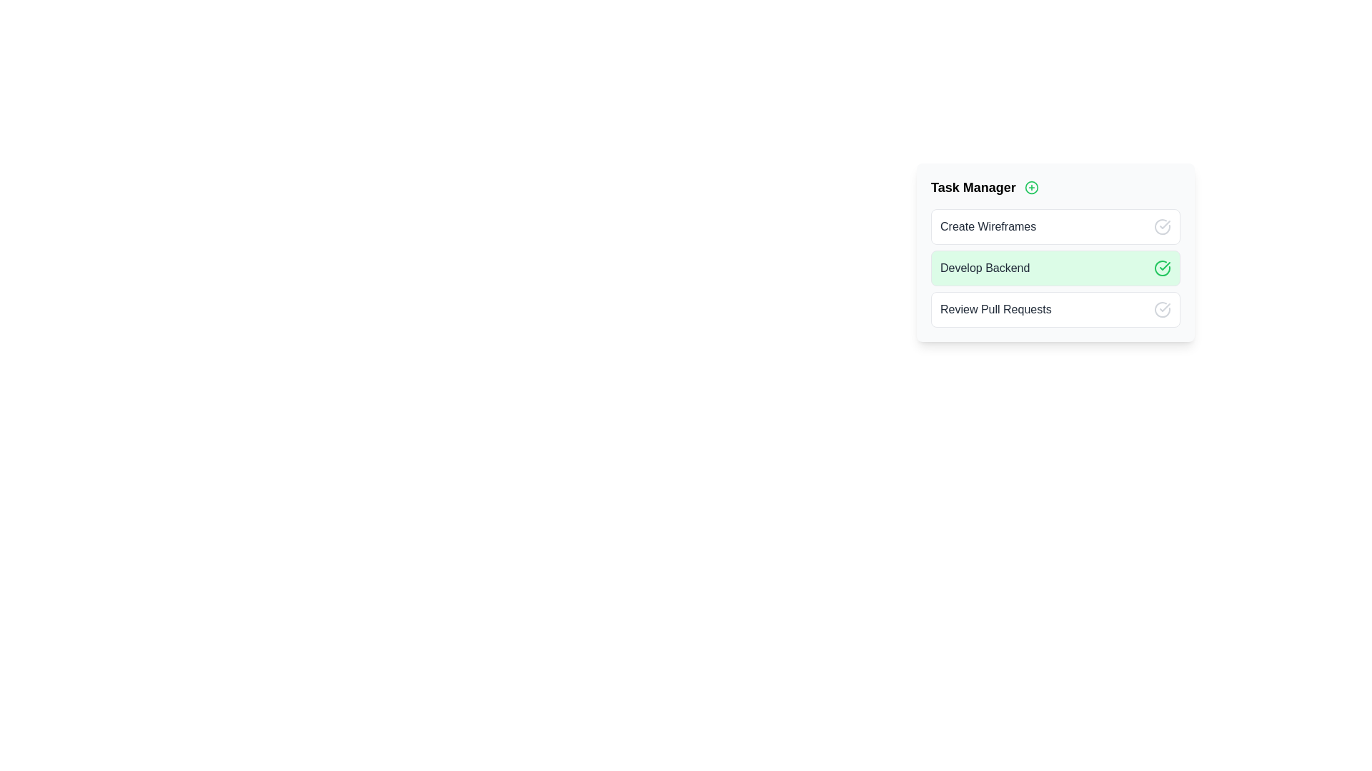 The image size is (1372, 771). What do you see at coordinates (973, 186) in the screenshot?
I see `text label at the top-left corner of the task management interface, which indicates the purpose of the section` at bounding box center [973, 186].